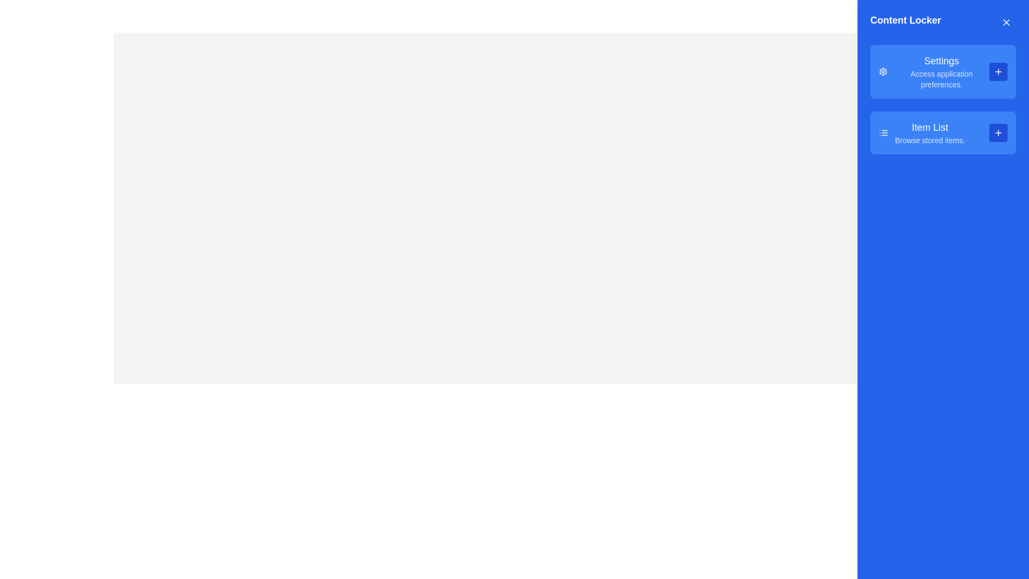 This screenshot has width=1029, height=579. Describe the element at coordinates (933, 72) in the screenshot. I see `the text block labeled 'Settings' which is bolded and larger, indicating application preferences` at that location.